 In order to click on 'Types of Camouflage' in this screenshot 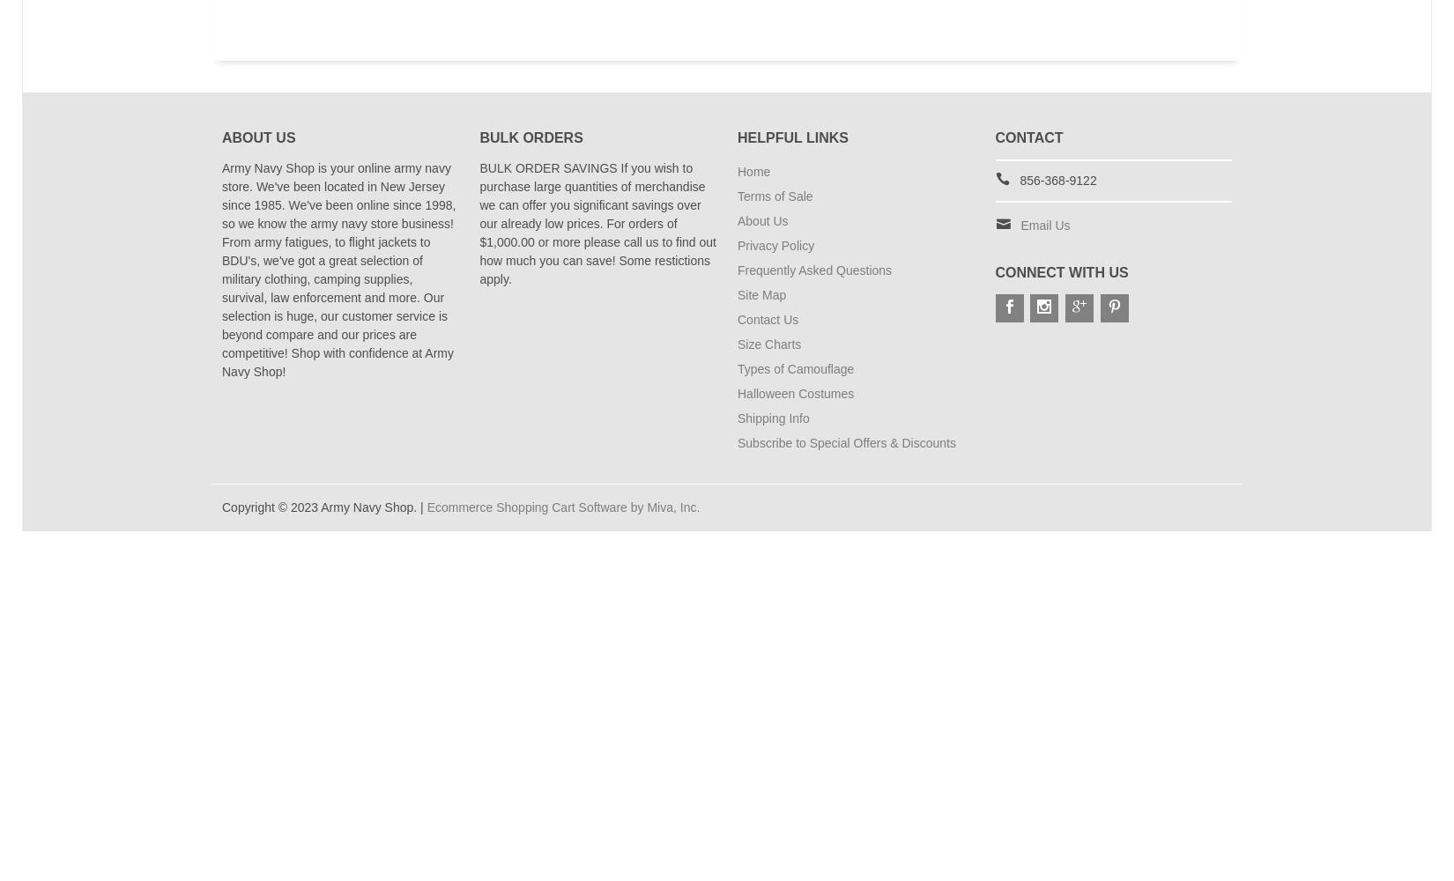, I will do `click(738, 368)`.